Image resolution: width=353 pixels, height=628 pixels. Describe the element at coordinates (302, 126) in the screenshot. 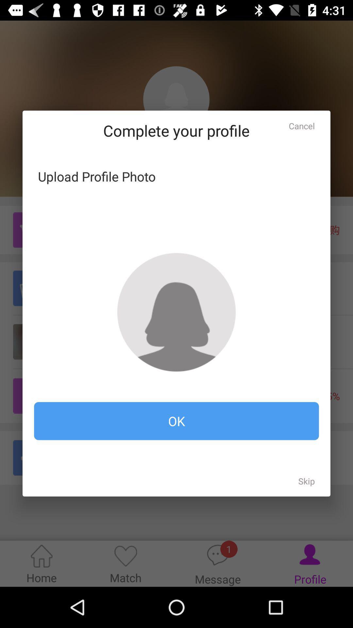

I see `the cancel at the top right corner` at that location.